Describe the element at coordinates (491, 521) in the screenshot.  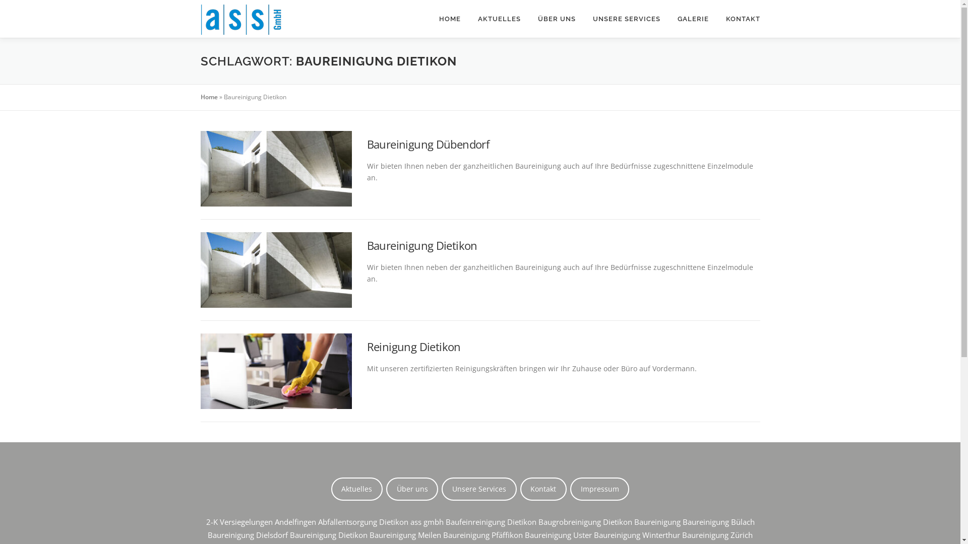
I see `'Baufeinreinigung Dietikon'` at that location.